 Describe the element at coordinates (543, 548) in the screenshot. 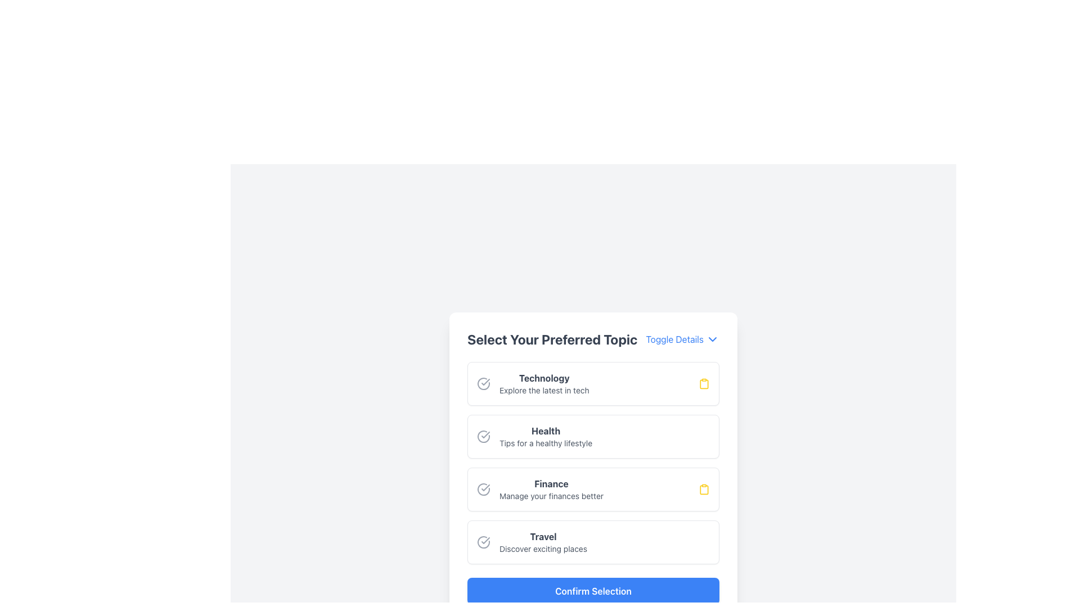

I see `supplementary information text located directly below the 'Travel' option in the fourth section of the interface` at that location.